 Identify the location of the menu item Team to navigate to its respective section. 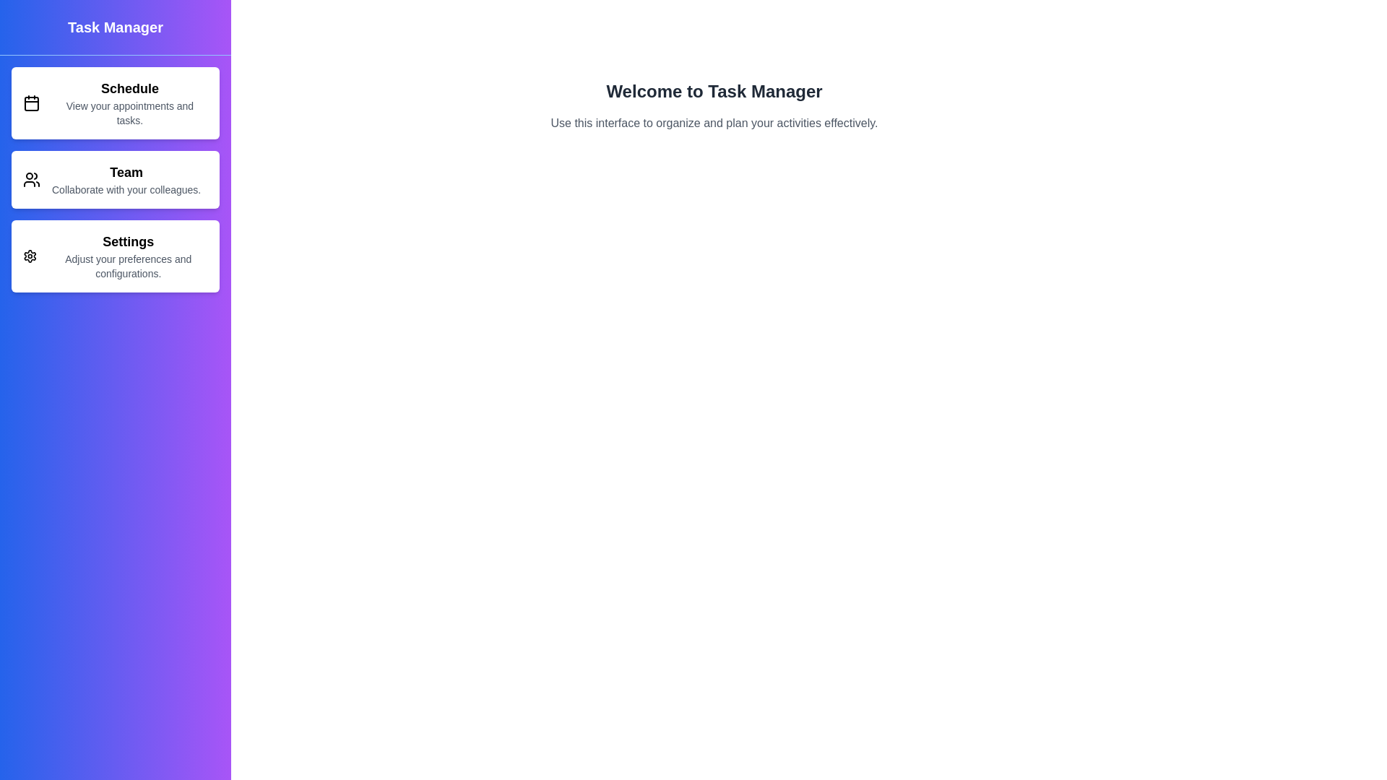
(114, 179).